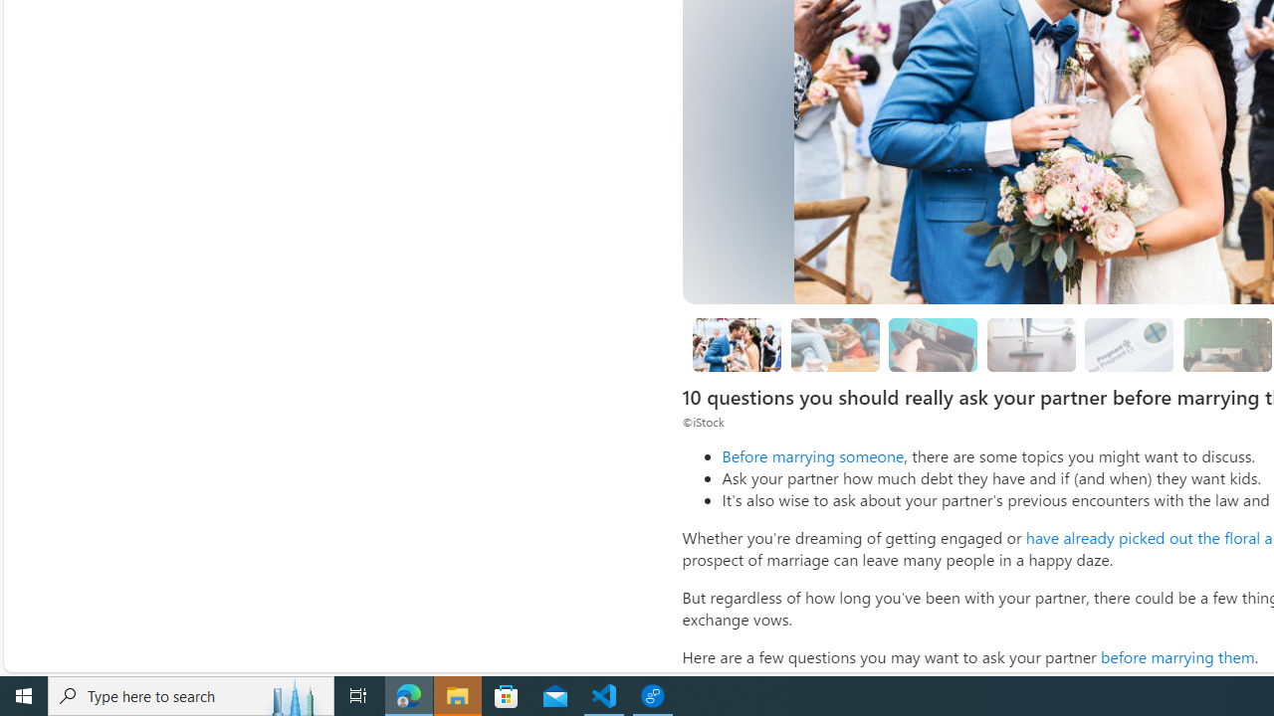 The width and height of the screenshot is (1274, 716). Describe the element at coordinates (1129, 340) in the screenshot. I see `'Class: progress'` at that location.